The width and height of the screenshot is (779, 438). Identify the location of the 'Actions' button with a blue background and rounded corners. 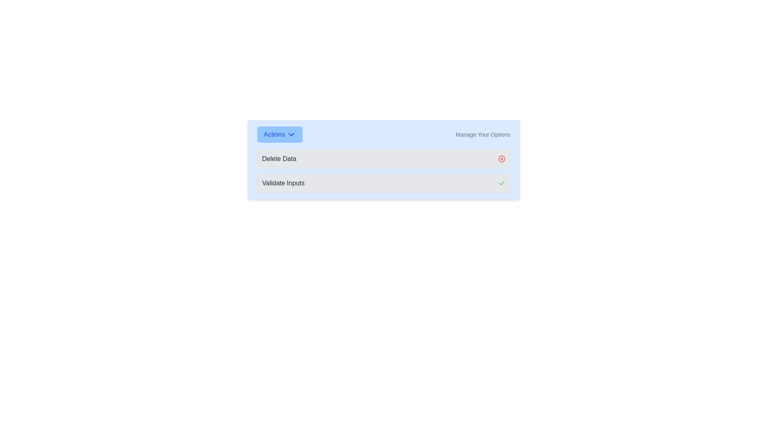
(280, 134).